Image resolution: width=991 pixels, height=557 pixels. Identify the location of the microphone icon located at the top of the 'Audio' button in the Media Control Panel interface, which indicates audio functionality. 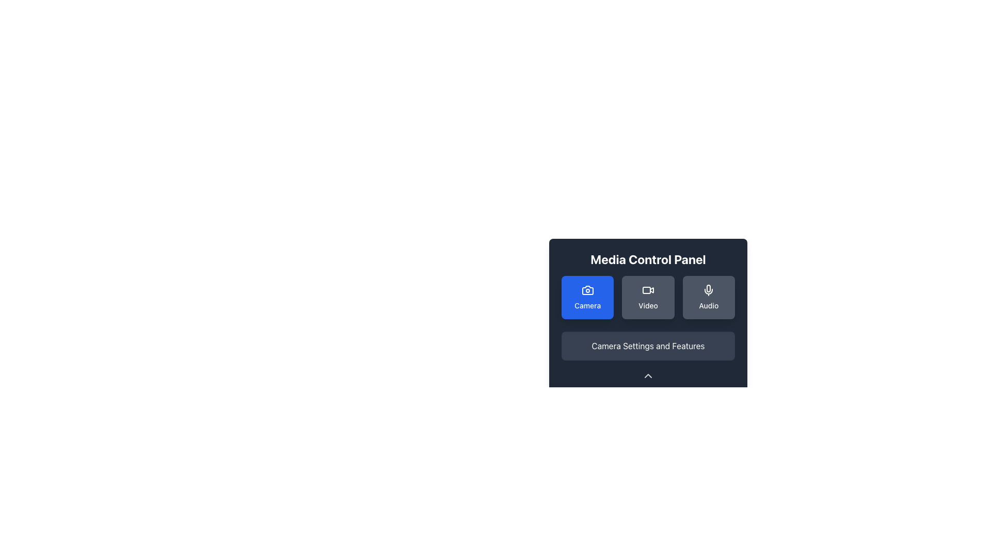
(708, 290).